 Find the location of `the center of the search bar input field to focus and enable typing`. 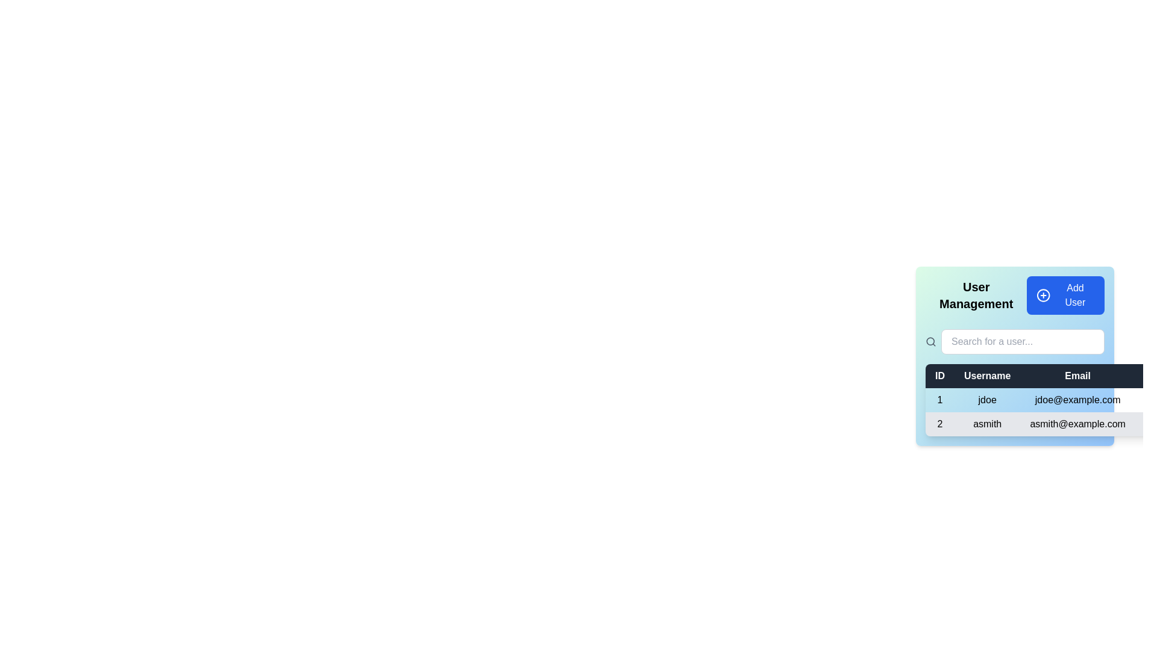

the center of the search bar input field to focus and enable typing is located at coordinates (1022, 341).